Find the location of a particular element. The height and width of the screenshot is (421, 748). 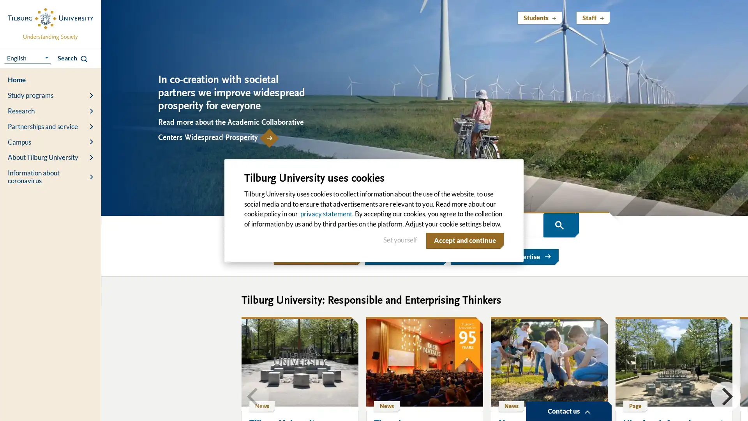

search is located at coordinates (559, 225).